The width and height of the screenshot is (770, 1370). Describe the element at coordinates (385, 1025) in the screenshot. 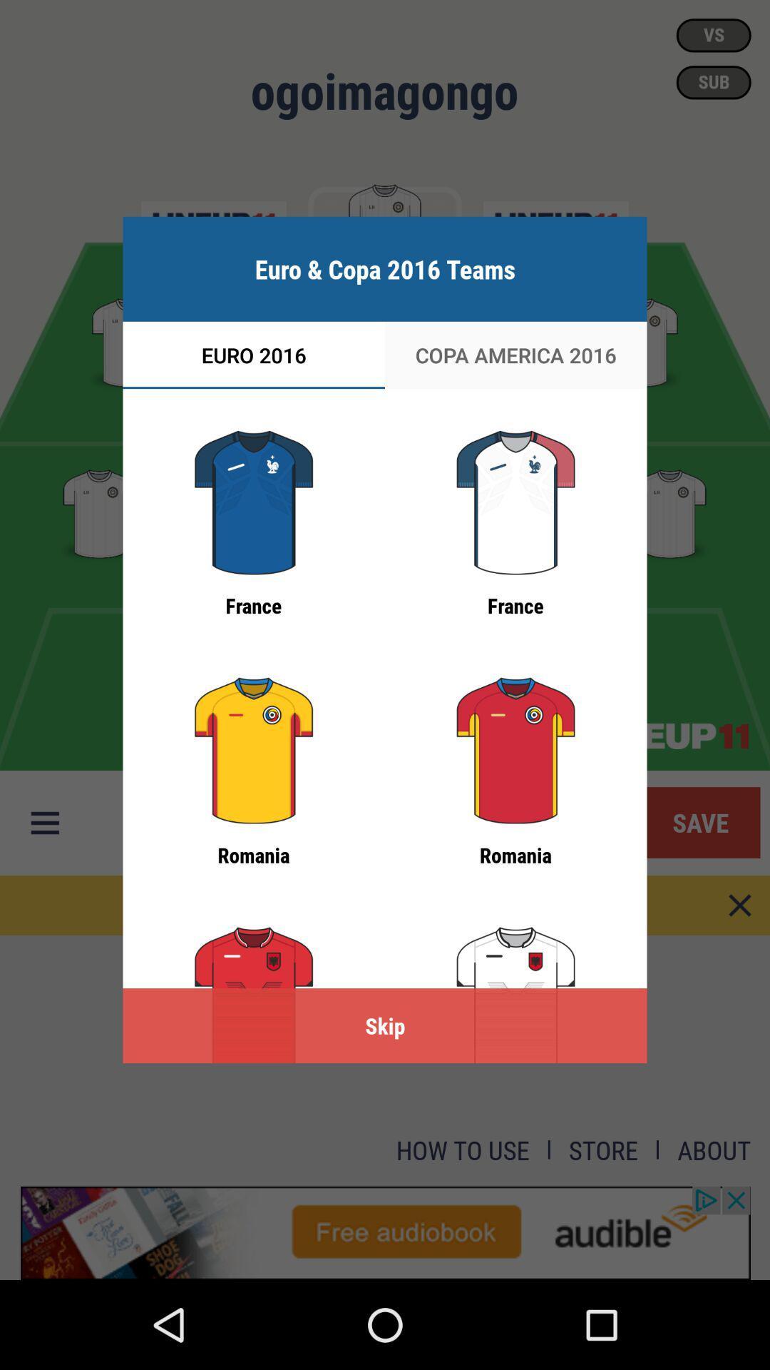

I see `the skip item` at that location.